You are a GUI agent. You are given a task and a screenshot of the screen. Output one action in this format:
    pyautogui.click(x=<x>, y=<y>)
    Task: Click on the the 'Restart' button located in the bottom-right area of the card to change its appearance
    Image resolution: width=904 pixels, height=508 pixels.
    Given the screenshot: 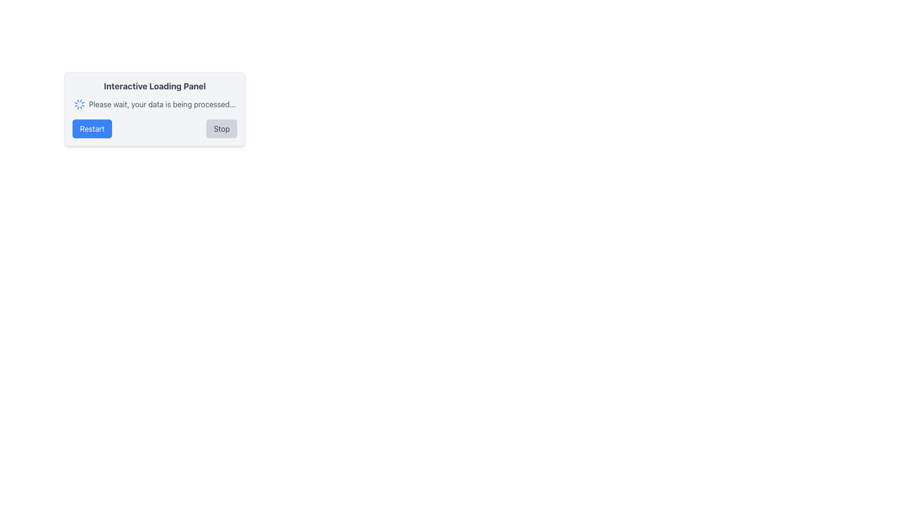 What is the action you would take?
    pyautogui.click(x=92, y=128)
    